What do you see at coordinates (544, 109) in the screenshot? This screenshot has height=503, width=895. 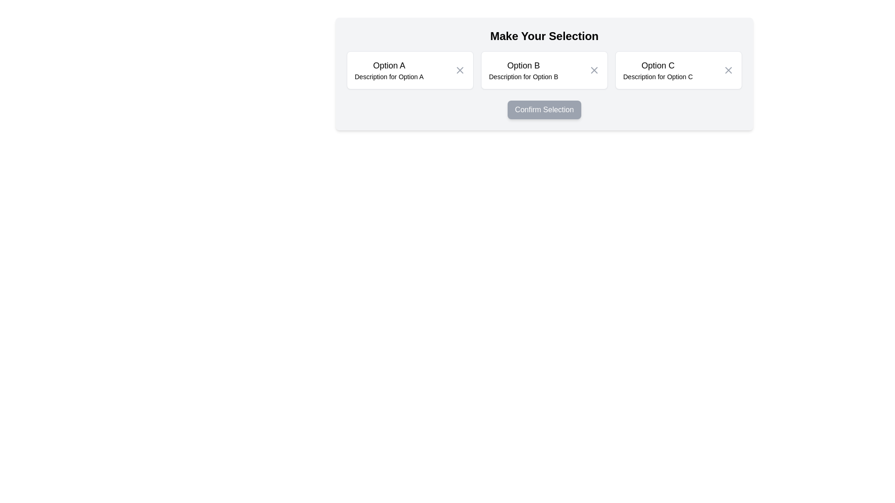 I see `the 'Confirm Selection' button, which has a light gray background, white text, and rounded corners, located below the options A, B, and C` at bounding box center [544, 109].